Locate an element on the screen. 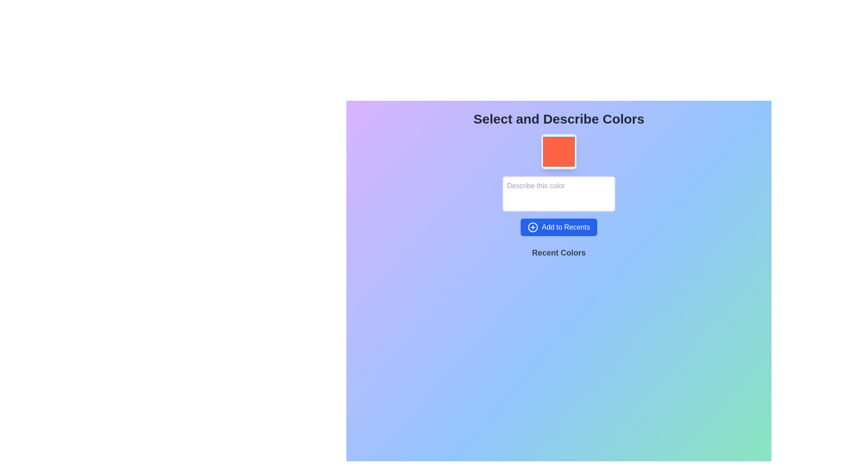 The width and height of the screenshot is (845, 475). the button that adds the currently selected color to the list of recent colors, located below the 'Describe this color' text area and above the 'Recent Colors' heading is located at coordinates (558, 227).